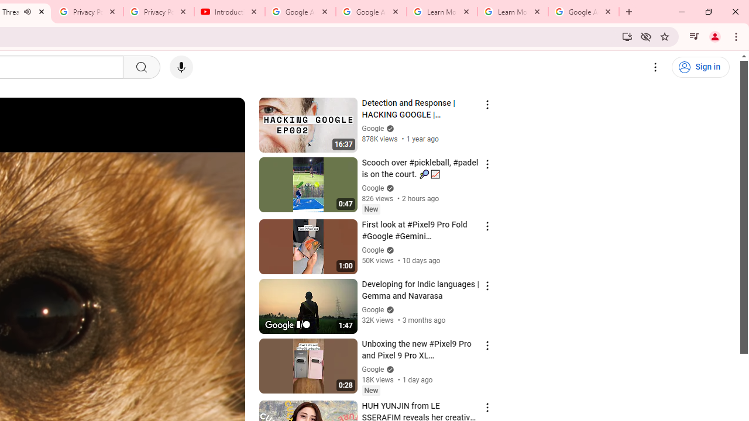 This screenshot has width=749, height=421. I want to click on 'Introduction | Google Privacy Policy - YouTube', so click(229, 12).